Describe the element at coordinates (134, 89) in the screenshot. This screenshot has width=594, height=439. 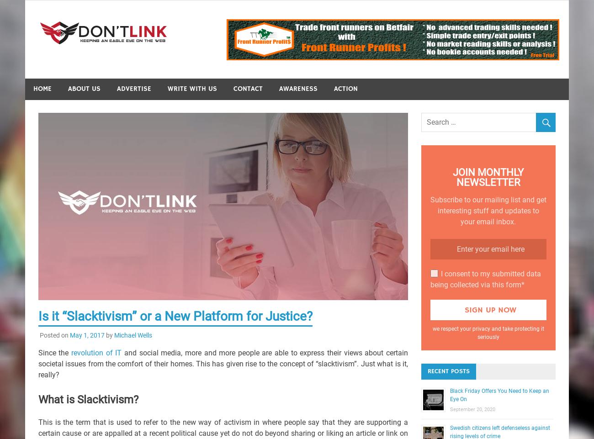
I see `'Advertise'` at that location.